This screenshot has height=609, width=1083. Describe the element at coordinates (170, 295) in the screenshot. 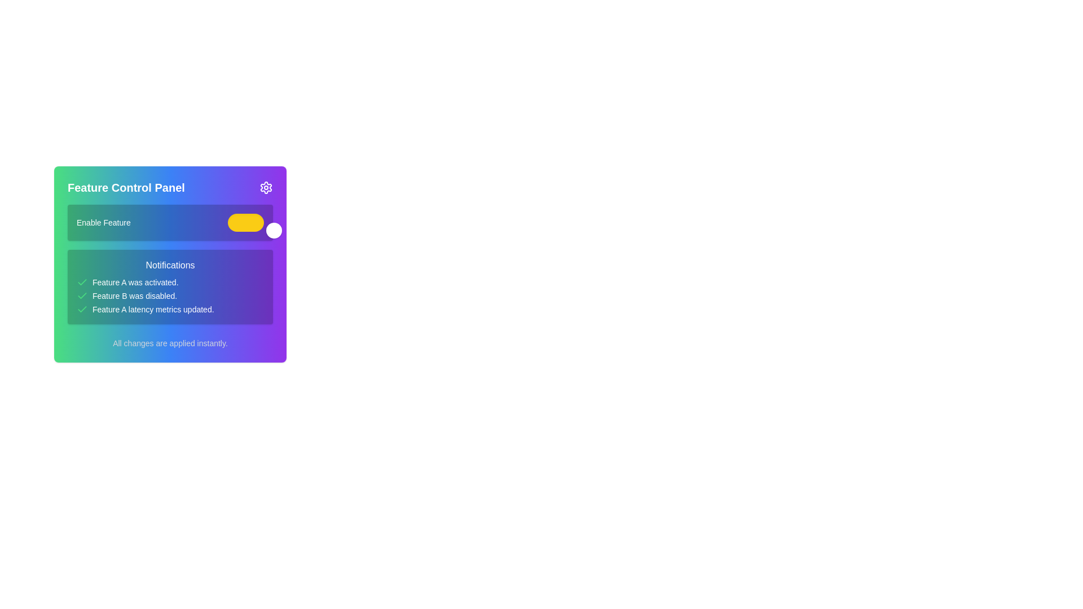

I see `the text content displaying status updates in the Notifications panel, which contains entries styled with a smaller font size and green checkmark icons for each status update` at that location.